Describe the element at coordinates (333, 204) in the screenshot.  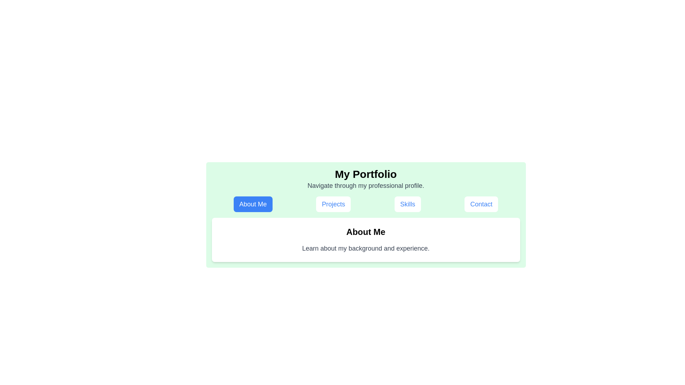
I see `the tab labeled Projects to observe its hover effect` at that location.